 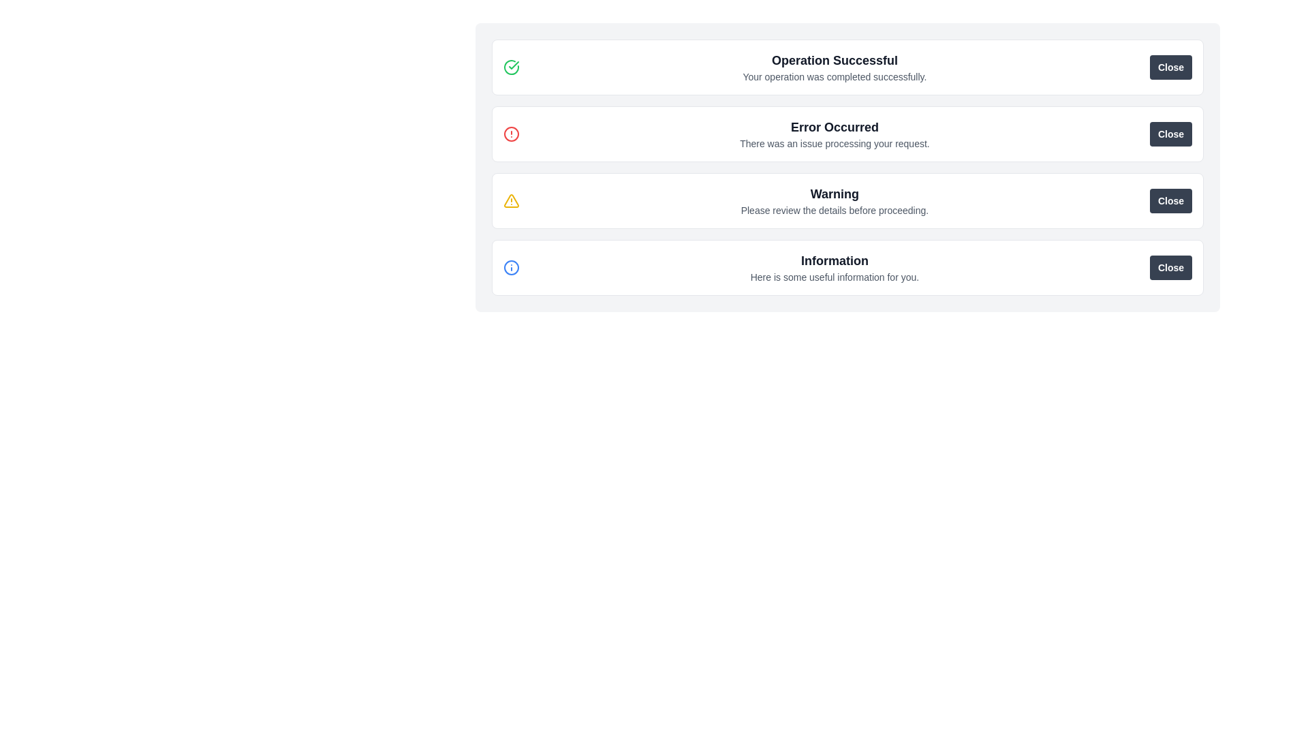 I want to click on the 'Operation Successful' text label, which is a bold and larger dark gray text located at the top of the notification card, so click(x=834, y=59).